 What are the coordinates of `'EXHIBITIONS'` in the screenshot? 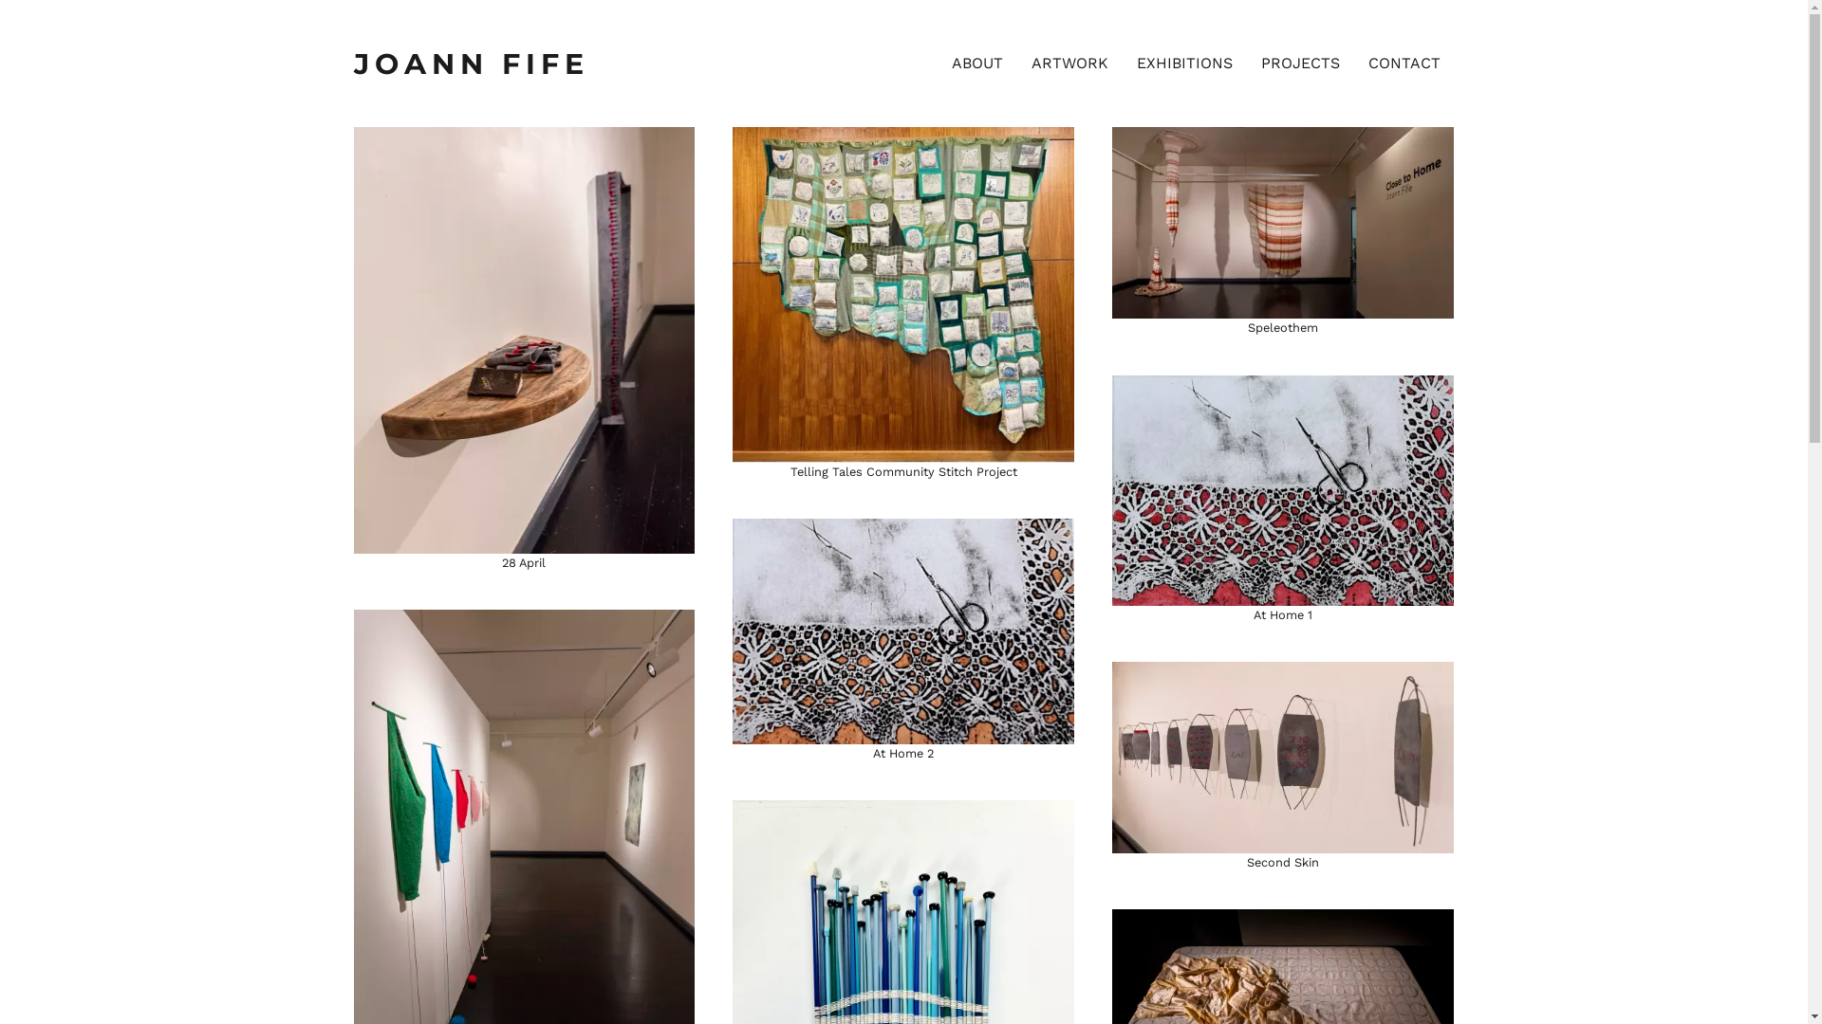 It's located at (1182, 62).